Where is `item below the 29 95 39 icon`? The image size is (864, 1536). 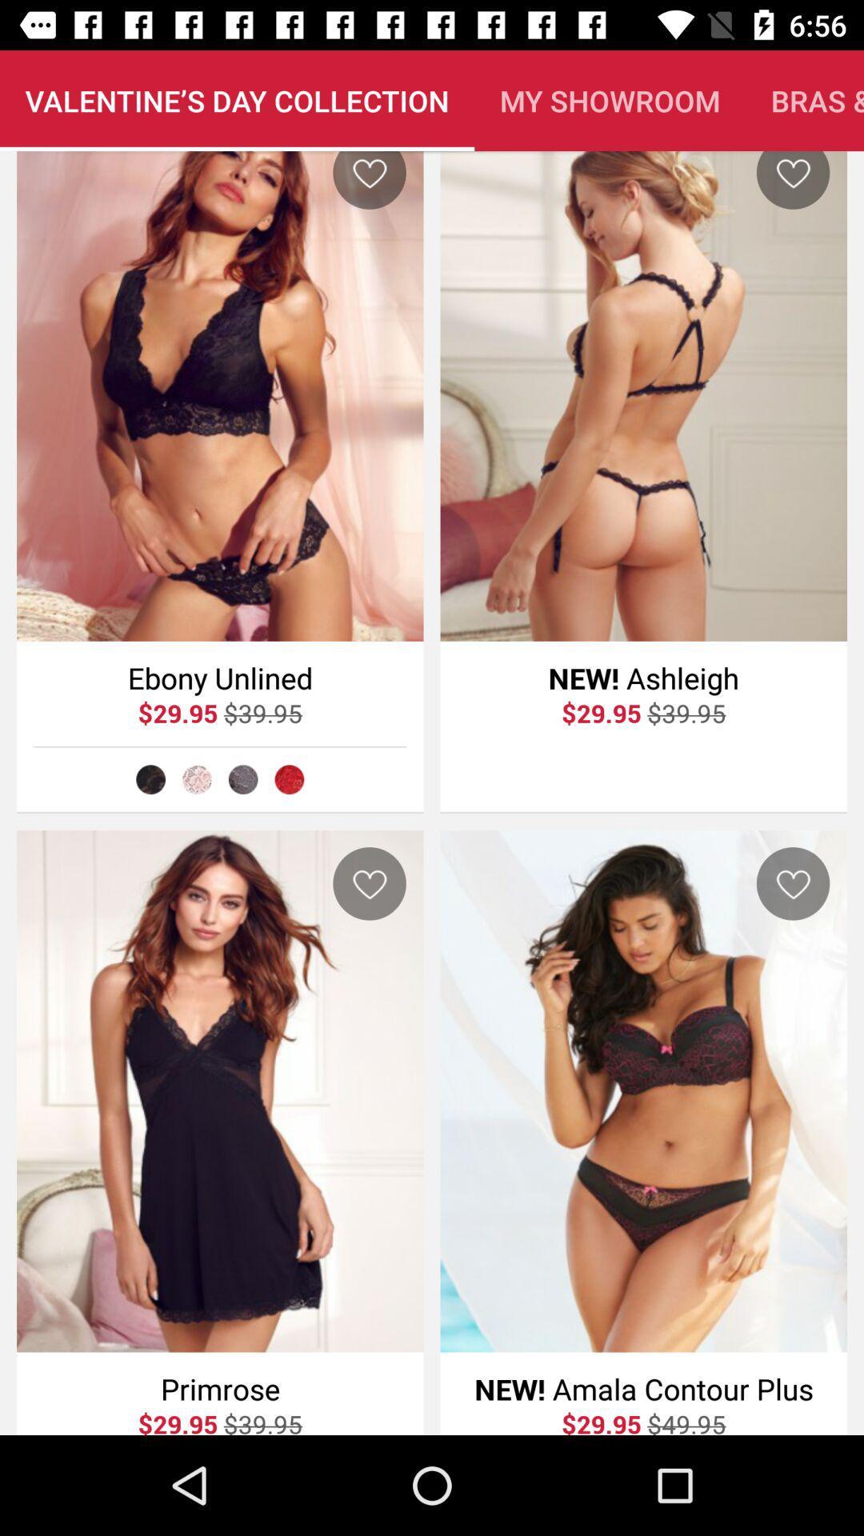
item below the 29 95 39 icon is located at coordinates (150, 779).